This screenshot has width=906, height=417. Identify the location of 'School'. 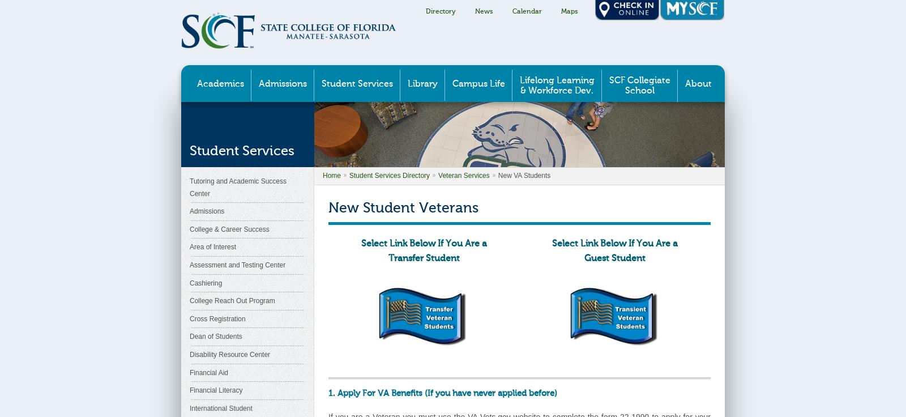
(639, 91).